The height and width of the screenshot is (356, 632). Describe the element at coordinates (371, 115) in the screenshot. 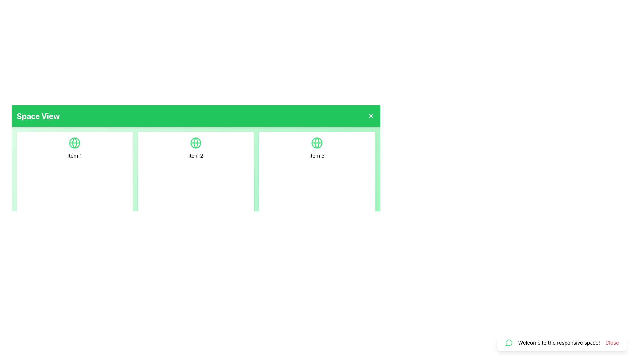

I see `the green diagonal line icon in the top-right corner of the header bar` at that location.